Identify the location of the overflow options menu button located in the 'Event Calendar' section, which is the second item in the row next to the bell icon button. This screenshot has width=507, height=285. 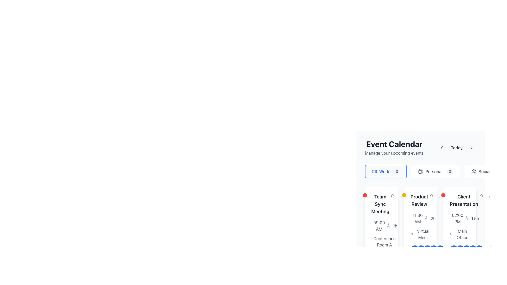
(401, 196).